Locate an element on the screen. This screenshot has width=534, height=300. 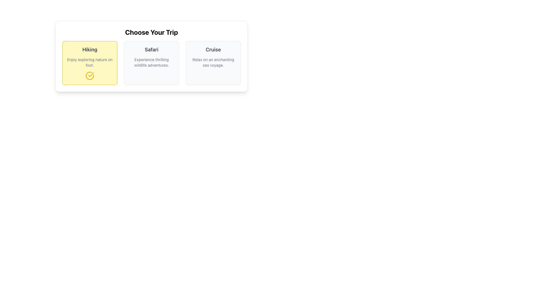
the decorative SVG element representing selection or confirmation associated with the 'Hiking' card, located in the trip selection section is located at coordinates (91, 74).